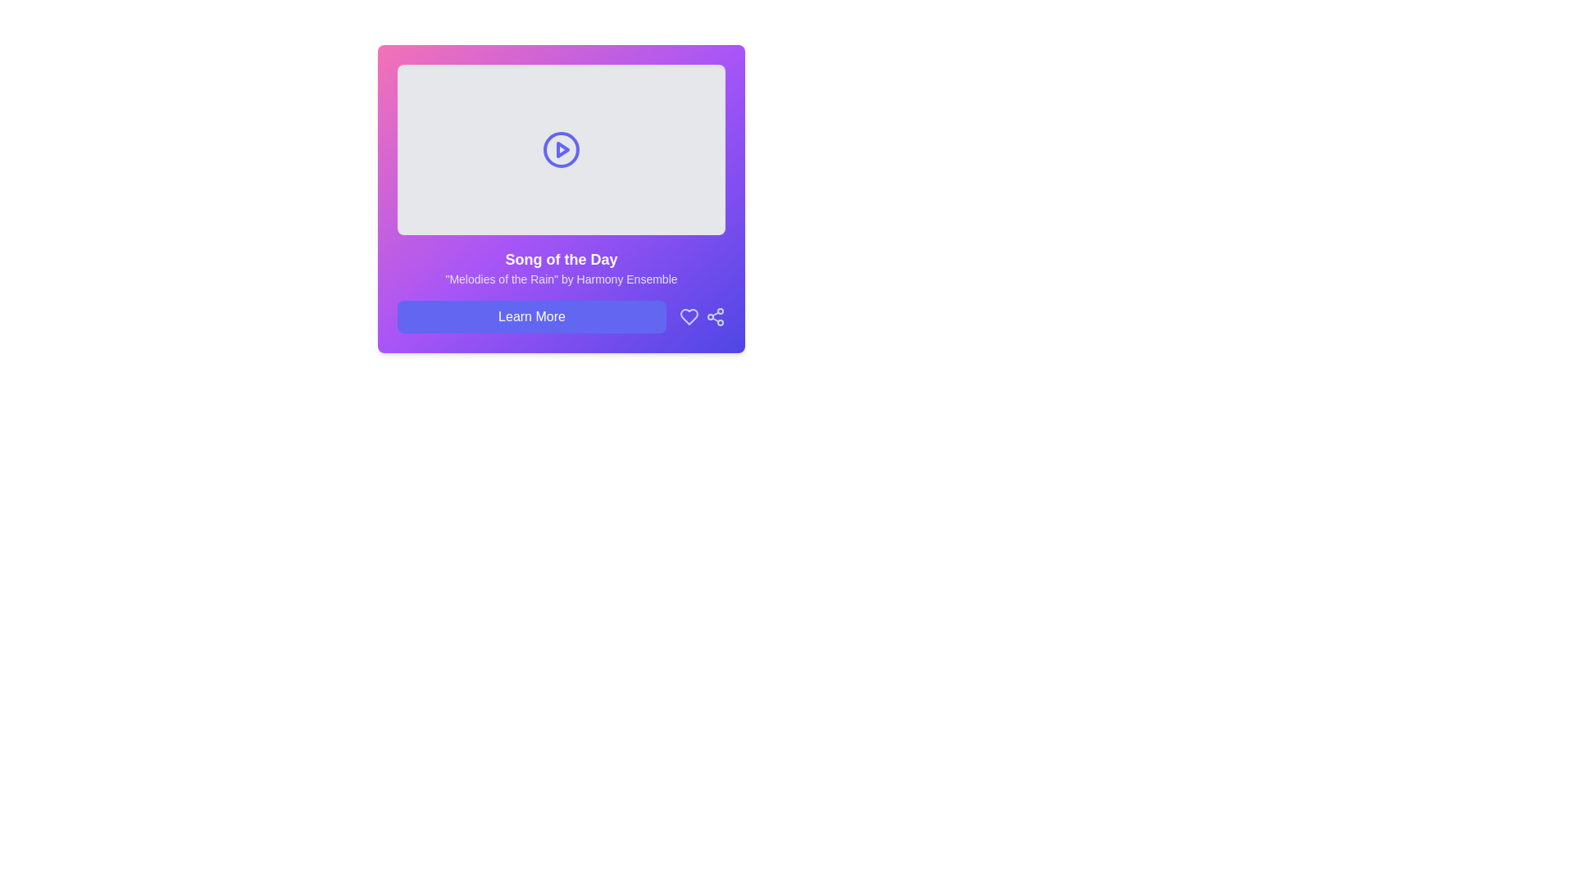  Describe the element at coordinates (562, 149) in the screenshot. I see `the outer circle of the play button icon in the multimedia preview section of the 'Song of the Day' card, which visually emphasizes the play triangle symbol` at that location.